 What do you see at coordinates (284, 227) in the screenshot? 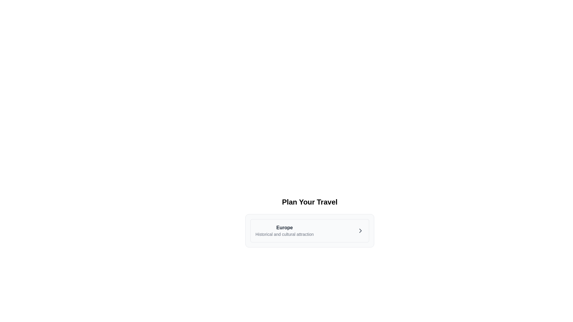
I see `the text label displaying 'Europe' in bold dark gray, which is positioned above the descriptive text 'Historical and cultural attraction'` at bounding box center [284, 227].